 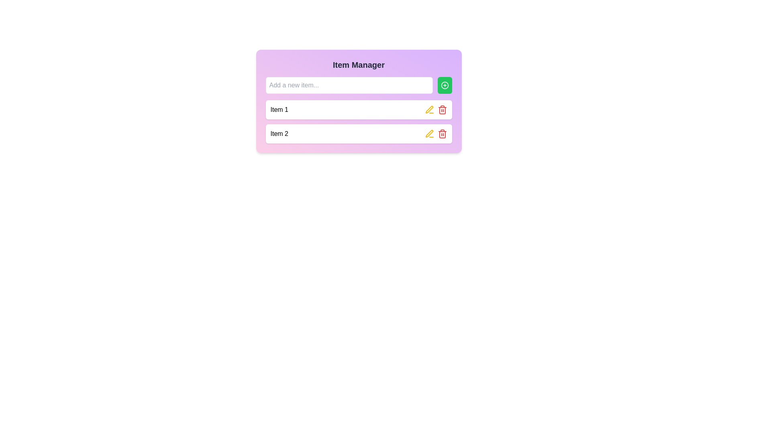 What do you see at coordinates (442, 134) in the screenshot?
I see `the delete icon button located at the far-right of the second-row item in the list` at bounding box center [442, 134].